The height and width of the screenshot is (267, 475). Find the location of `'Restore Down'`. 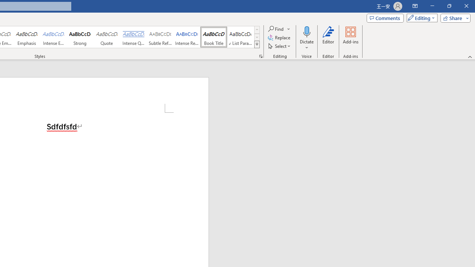

'Restore Down' is located at coordinates (449, 6).